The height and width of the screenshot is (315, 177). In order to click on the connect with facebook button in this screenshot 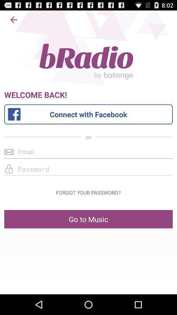, I will do `click(88, 114)`.